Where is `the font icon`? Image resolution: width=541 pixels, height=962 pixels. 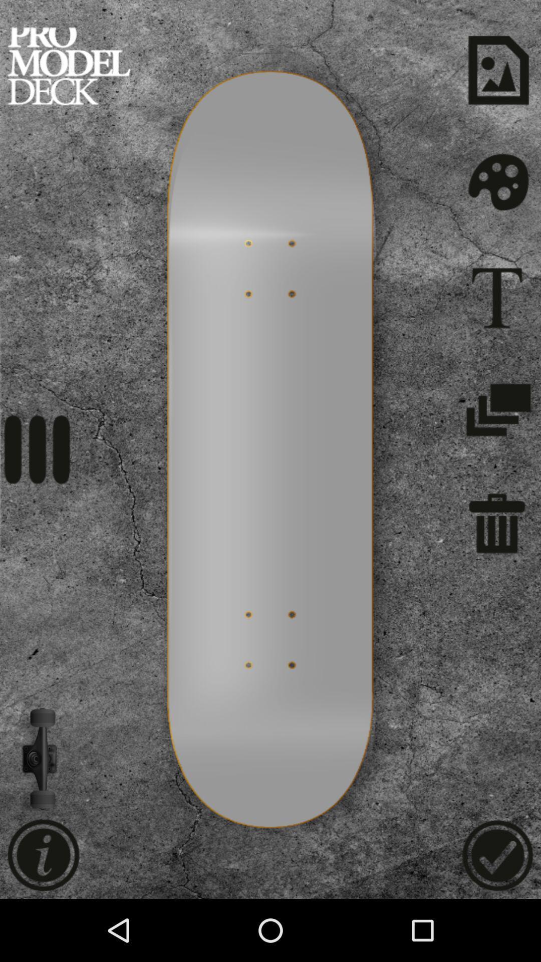
the font icon is located at coordinates (497, 318).